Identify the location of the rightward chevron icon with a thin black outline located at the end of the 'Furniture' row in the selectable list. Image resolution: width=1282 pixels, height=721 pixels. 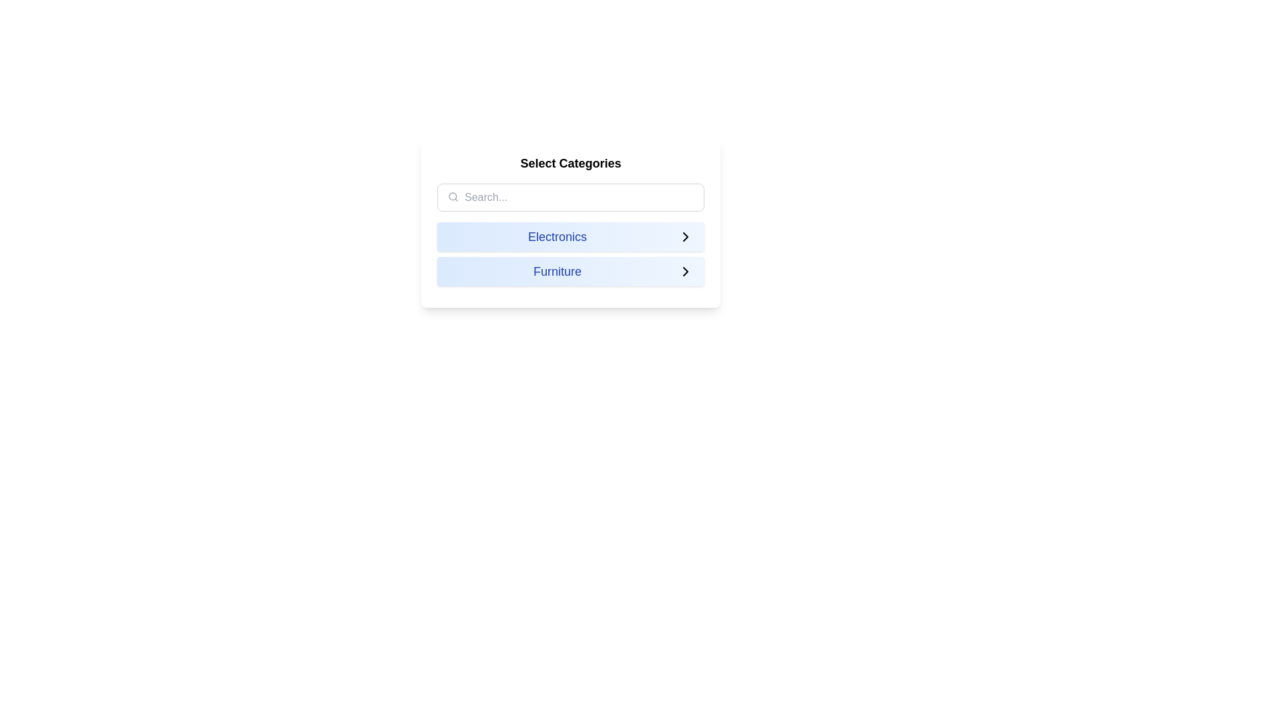
(686, 271).